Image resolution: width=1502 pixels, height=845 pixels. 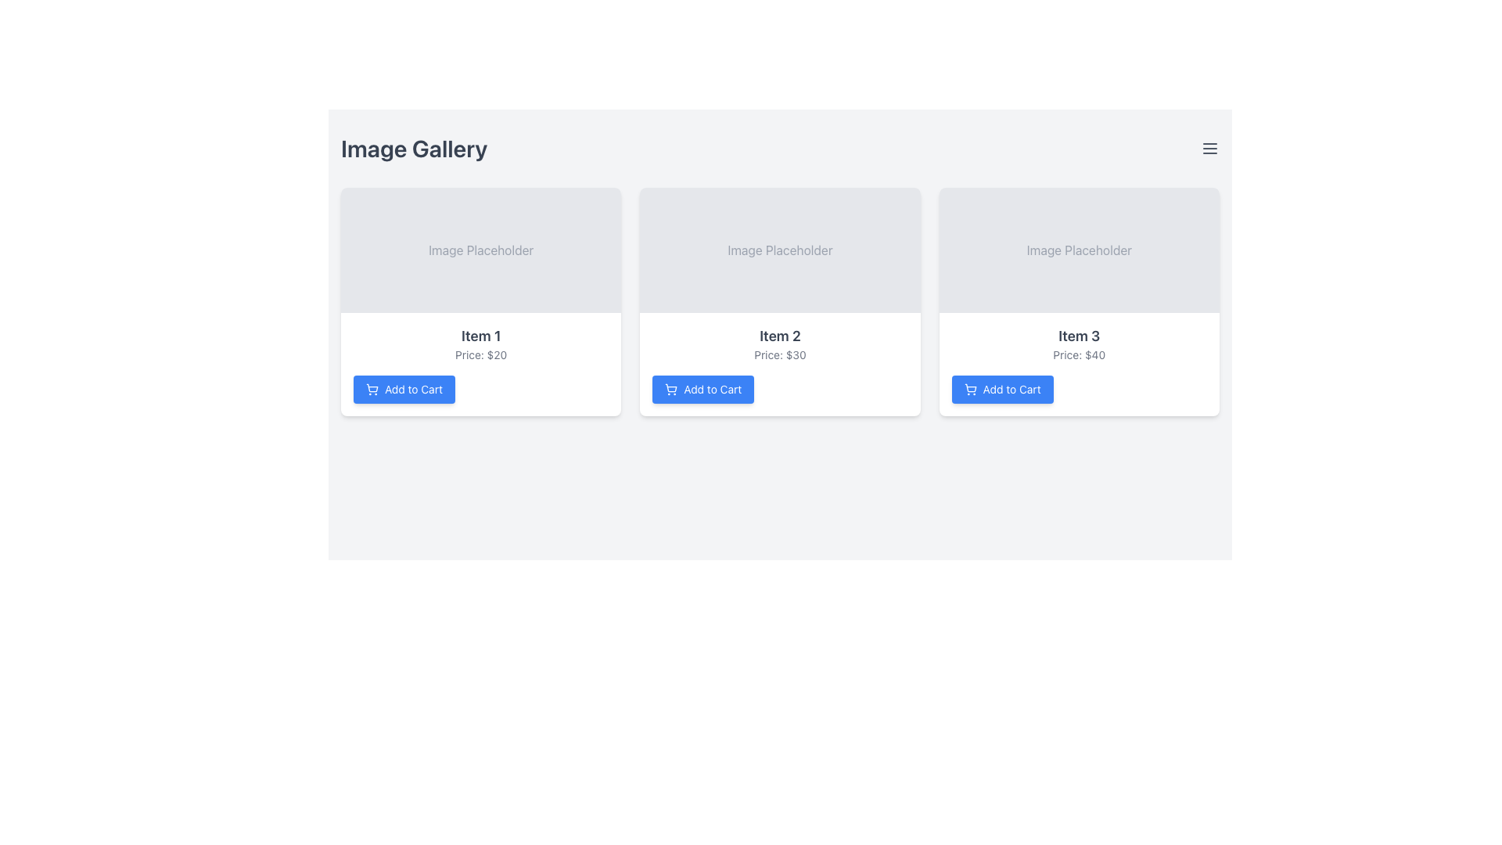 What do you see at coordinates (969, 388) in the screenshot?
I see `the shopping cart icon located on the 'Add to Cart' button under 'Item 3'` at bounding box center [969, 388].